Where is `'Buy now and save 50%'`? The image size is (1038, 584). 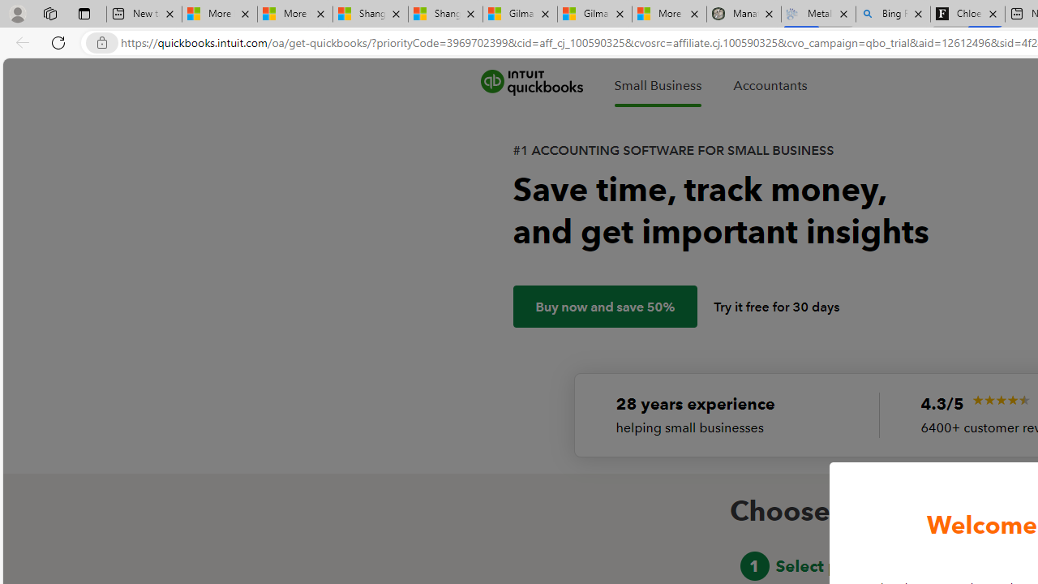
'Buy now and save 50%' is located at coordinates (604, 307).